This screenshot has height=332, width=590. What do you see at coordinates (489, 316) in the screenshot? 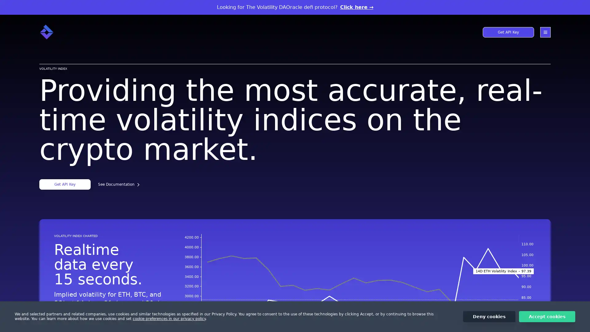
I see `Deny cookies` at bounding box center [489, 316].